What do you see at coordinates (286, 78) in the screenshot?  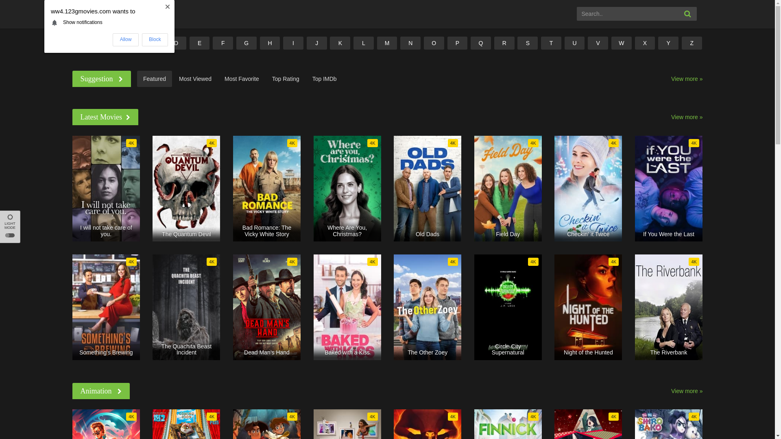 I see `'Top Rating'` at bounding box center [286, 78].